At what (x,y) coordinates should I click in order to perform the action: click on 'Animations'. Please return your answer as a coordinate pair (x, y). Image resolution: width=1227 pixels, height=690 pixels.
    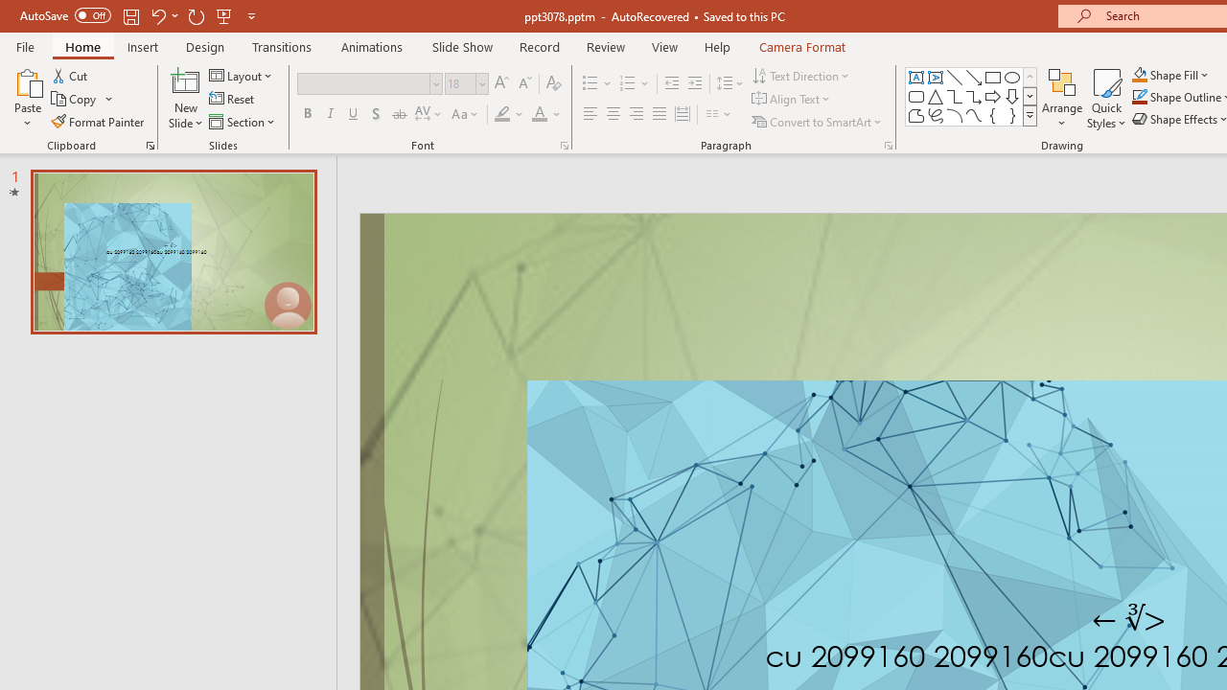
    Looking at the image, I should click on (372, 46).